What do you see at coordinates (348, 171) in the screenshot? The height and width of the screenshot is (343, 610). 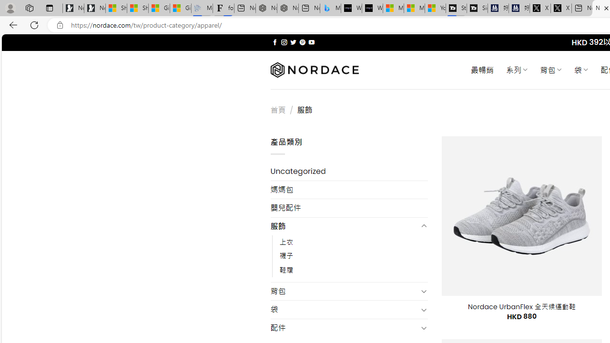 I see `'Uncategorized'` at bounding box center [348, 171].